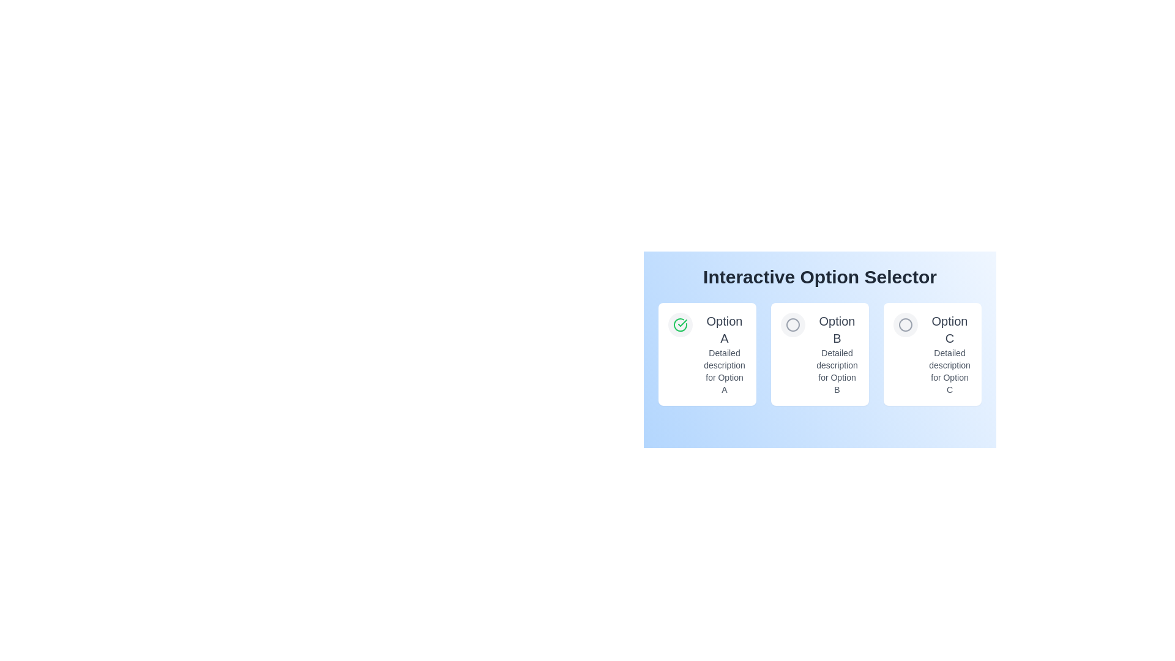 The image size is (1175, 661). I want to click on the Static Text element that provides additional details about Option C, located below the 'Option C' heading in the third option box, so click(949, 370).